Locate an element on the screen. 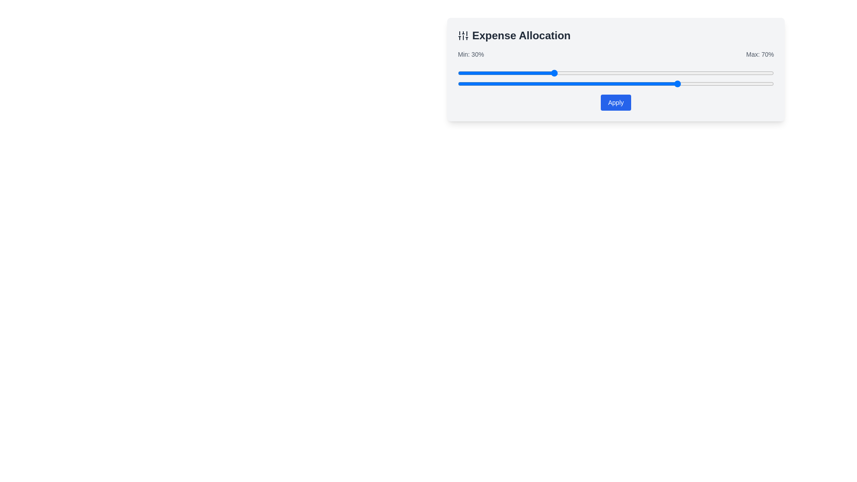 The image size is (857, 482). the text label displaying 'Max: 70%' located near the top-right corner of the panel, styled in gray color and medium weight is located at coordinates (759, 54).